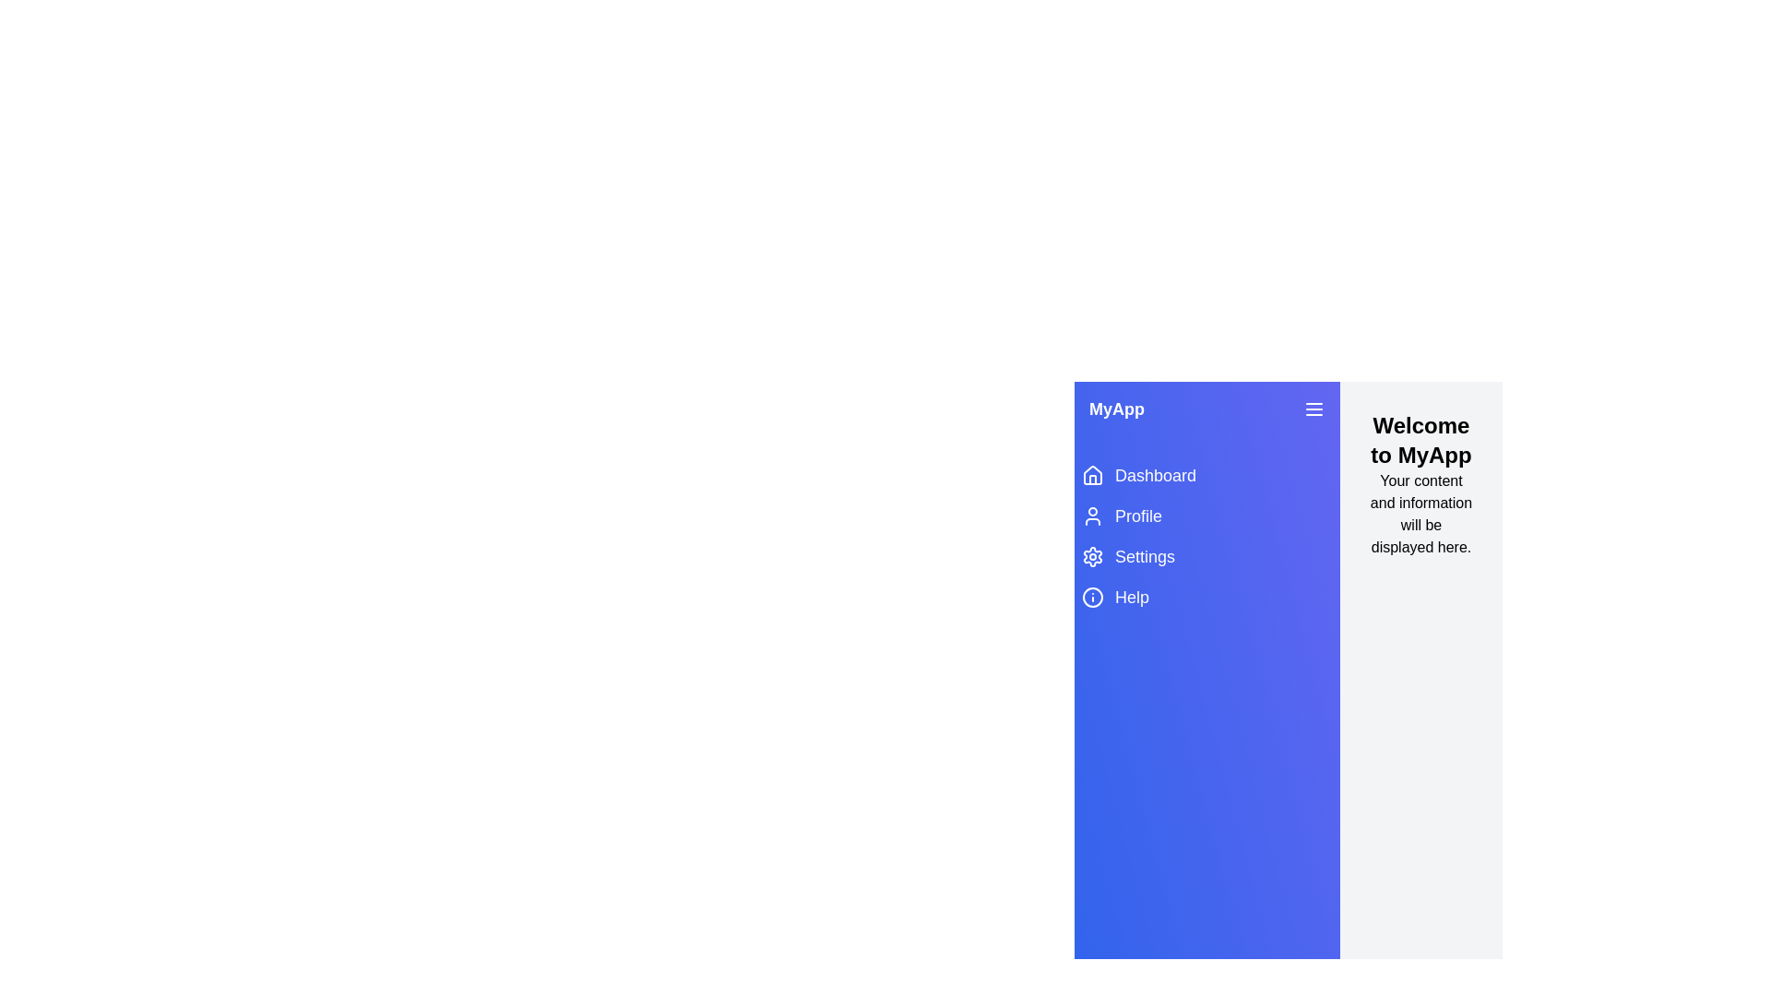 This screenshot has height=996, width=1771. I want to click on the menu item labeled Help, so click(1207, 598).